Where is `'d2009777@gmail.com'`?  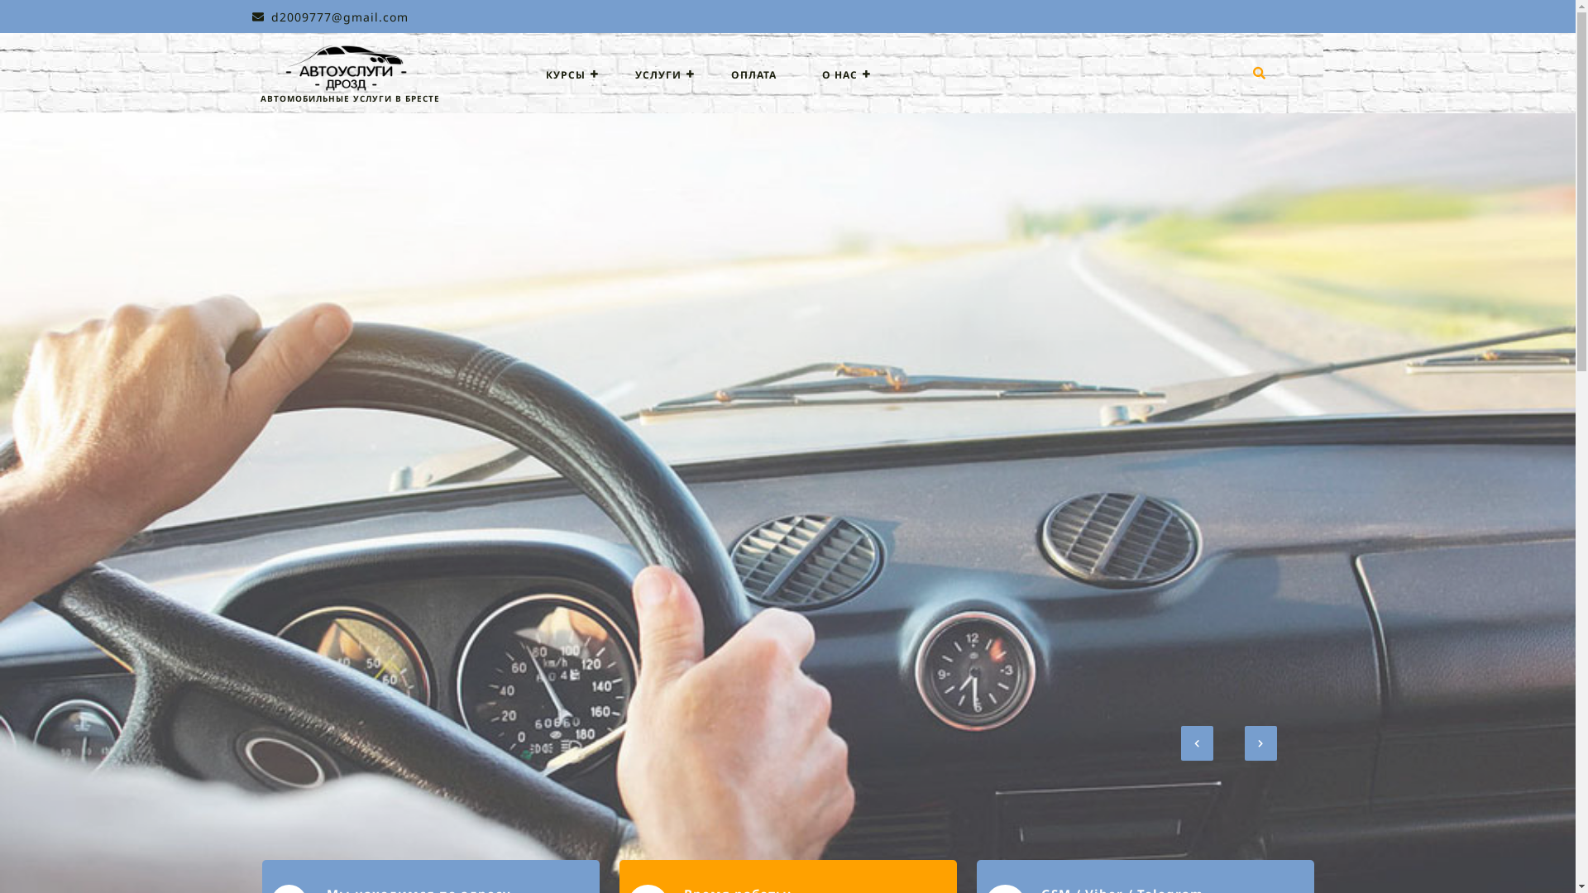
'd2009777@gmail.com' is located at coordinates (250, 17).